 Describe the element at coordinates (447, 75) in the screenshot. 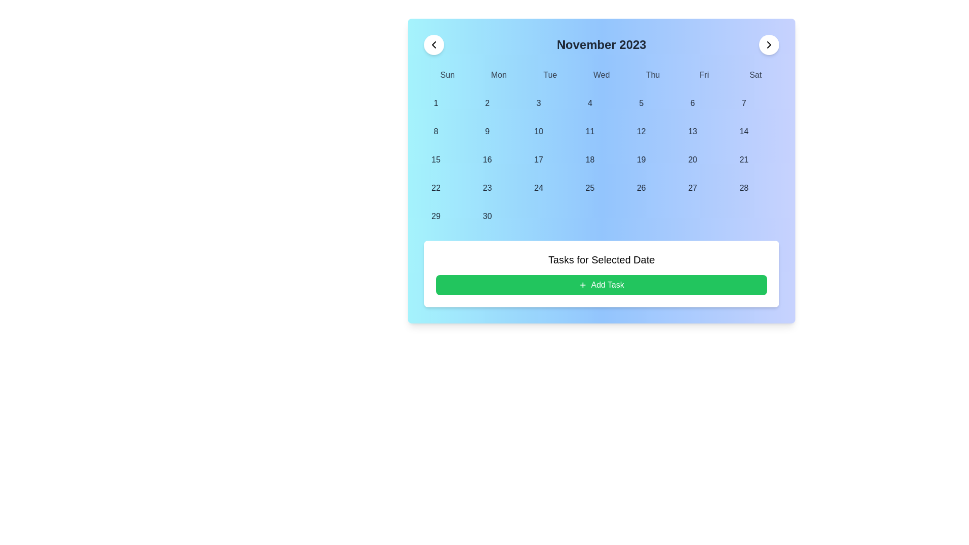

I see `the text label displaying 'Sun', which is the first label in the grid layout for the days of the week` at that location.